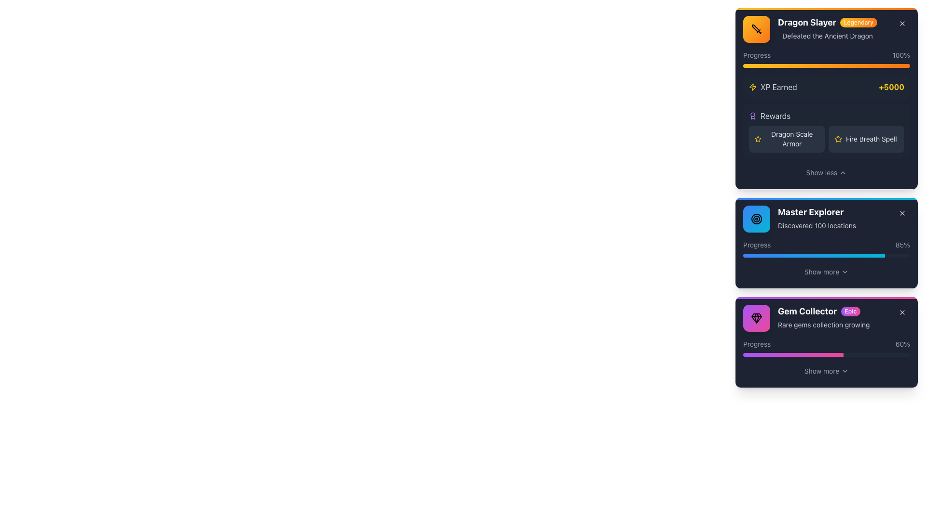 The width and height of the screenshot is (926, 520). I want to click on the static text label displaying 'Master Explorer' in bold white font, located in the middle section of the interface against a dark blue background, so click(817, 211).